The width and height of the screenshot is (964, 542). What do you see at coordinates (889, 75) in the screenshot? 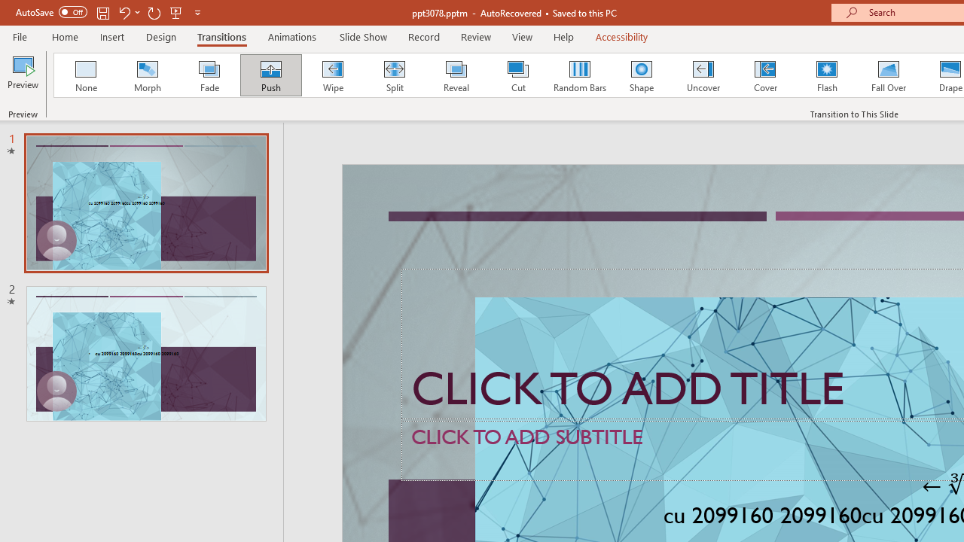
I see `'Fall Over'` at bounding box center [889, 75].